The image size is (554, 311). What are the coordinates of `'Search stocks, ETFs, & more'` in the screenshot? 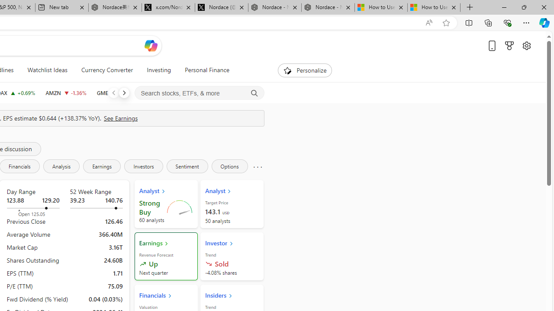 It's located at (199, 93).